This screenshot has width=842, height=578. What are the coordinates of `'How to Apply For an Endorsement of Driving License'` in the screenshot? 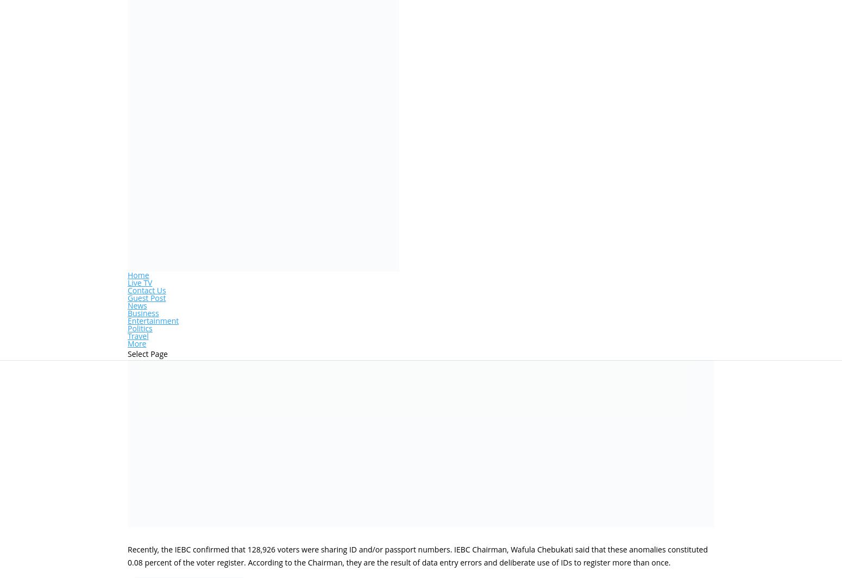 It's located at (220, 39).